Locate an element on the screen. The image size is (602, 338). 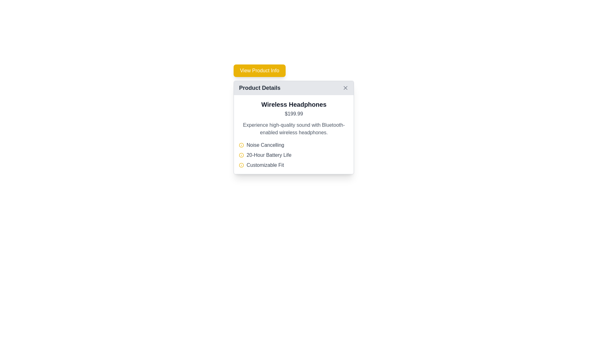
the price text label displaying '$199.99' located beneath the title 'Wireless Headphones' is located at coordinates (293, 114).